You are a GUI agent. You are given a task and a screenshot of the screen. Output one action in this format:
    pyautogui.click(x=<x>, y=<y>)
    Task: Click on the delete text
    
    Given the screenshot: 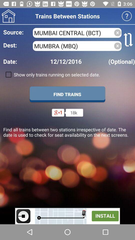 What is the action you would take?
    pyautogui.click(x=117, y=32)
    